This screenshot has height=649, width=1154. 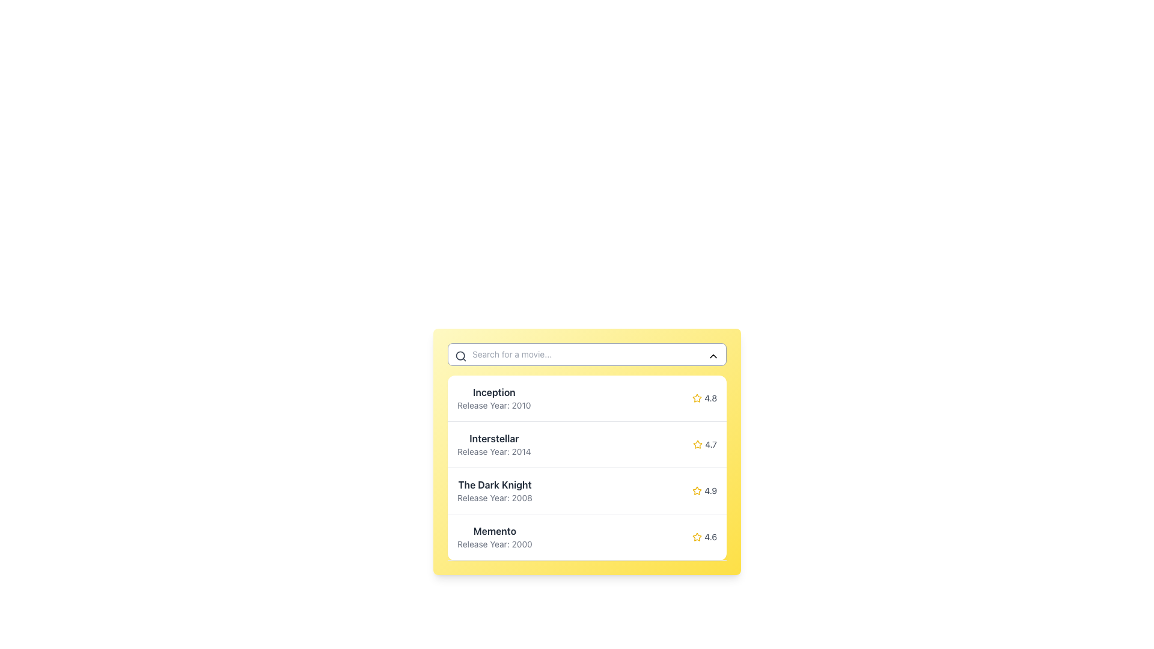 I want to click on the text label that displays 'The Dark Knight', so click(x=495, y=484).